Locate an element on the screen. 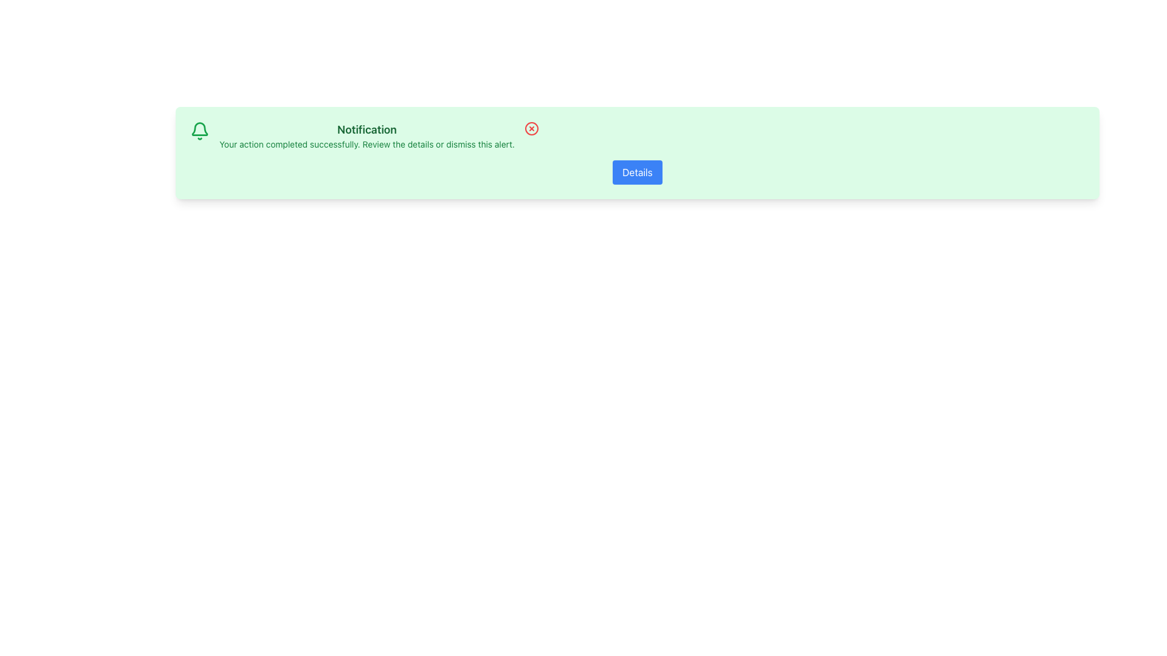 This screenshot has width=1167, height=656. text snippet confirming the successful action, which is displayed in green font beneath the 'Notification' title is located at coordinates (367, 144).